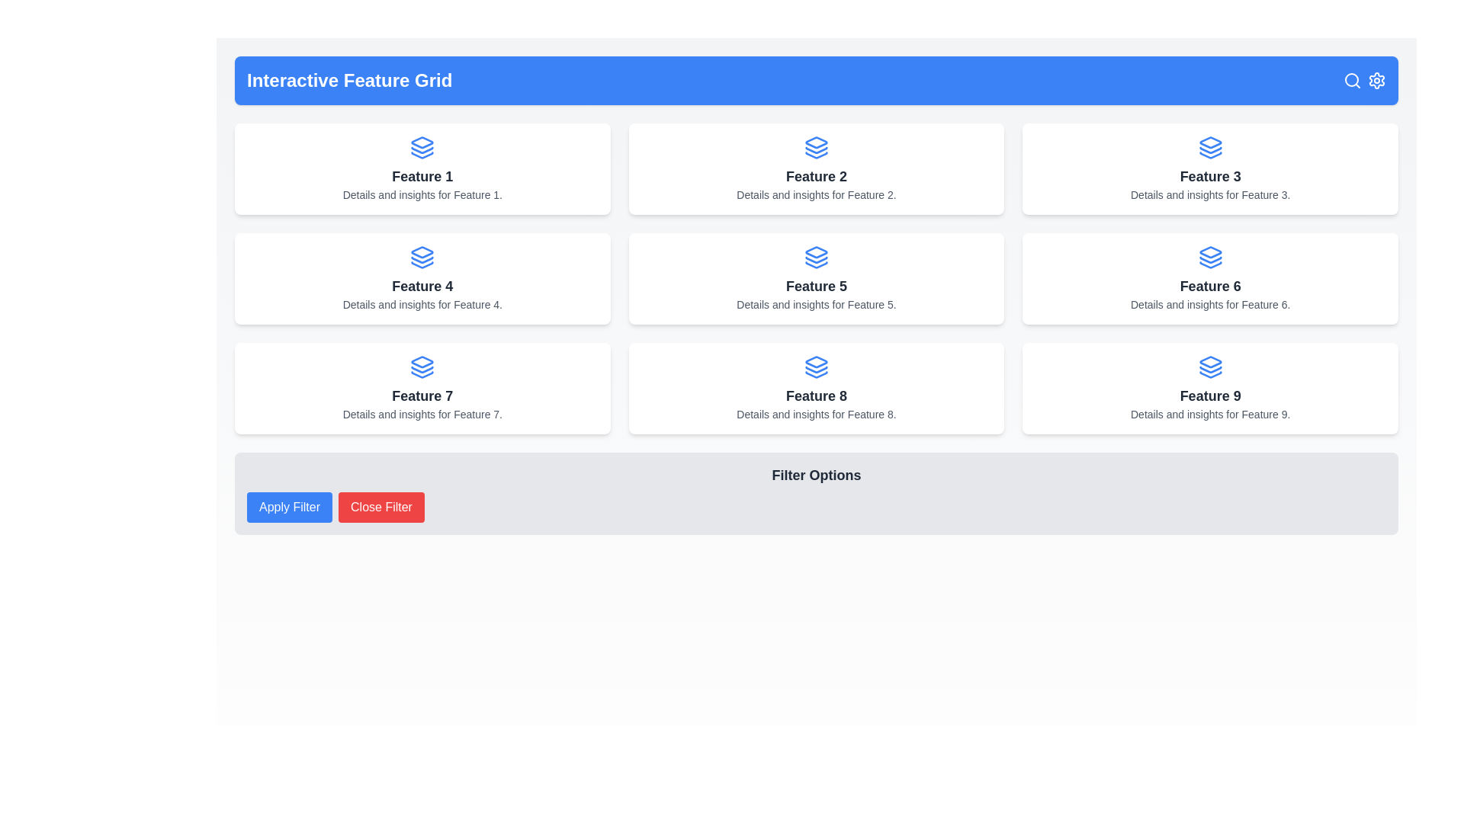 Image resolution: width=1464 pixels, height=823 pixels. What do you see at coordinates (348, 80) in the screenshot?
I see `text header located at the top of the interface, which serves as a title or label for the section or page` at bounding box center [348, 80].